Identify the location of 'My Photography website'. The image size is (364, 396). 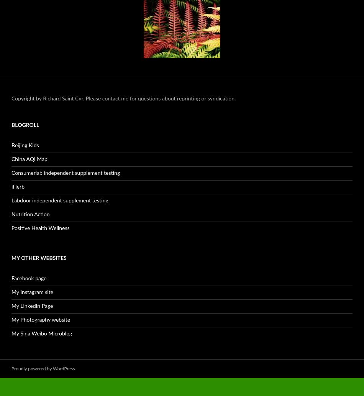
(41, 320).